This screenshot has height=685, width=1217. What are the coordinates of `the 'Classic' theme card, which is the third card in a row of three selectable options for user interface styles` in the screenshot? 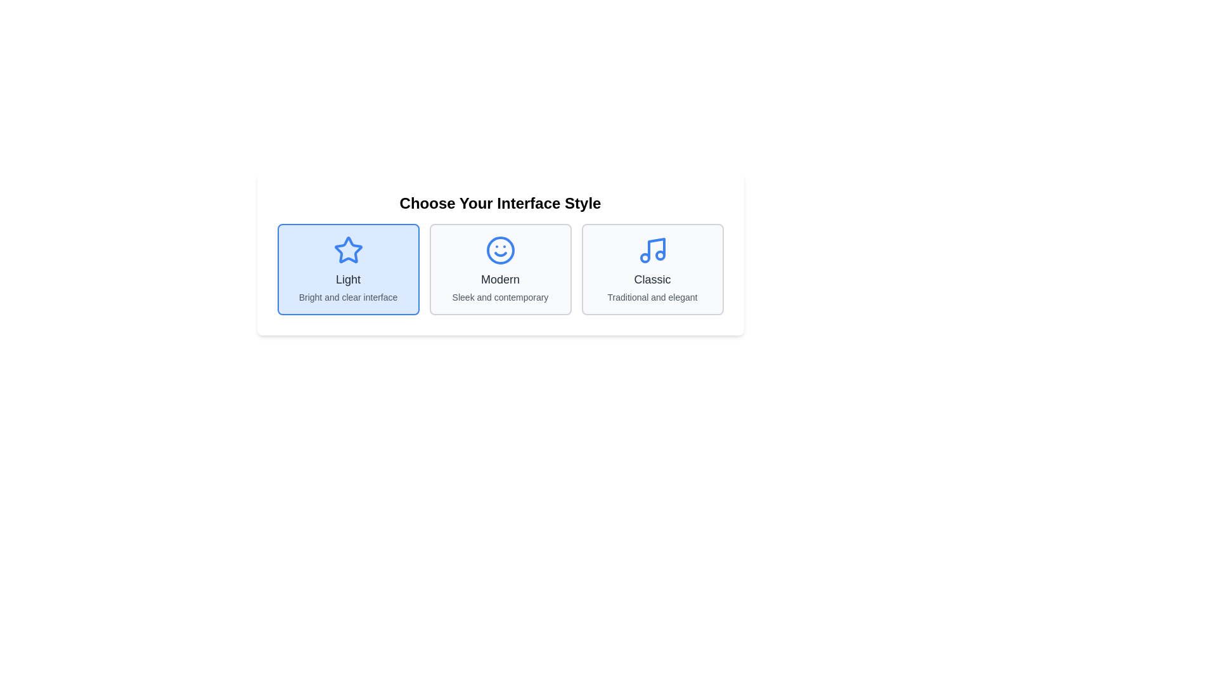 It's located at (652, 268).